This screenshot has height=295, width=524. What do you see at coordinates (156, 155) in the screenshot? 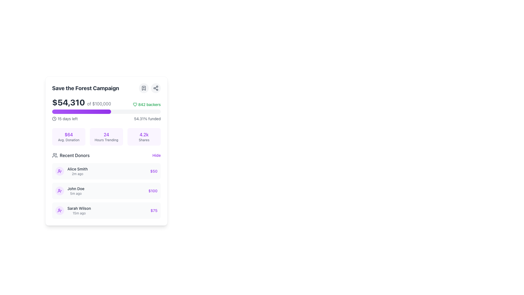
I see `the button located at the top-right corner of the 'Recent Donors' section to change the text color` at bounding box center [156, 155].